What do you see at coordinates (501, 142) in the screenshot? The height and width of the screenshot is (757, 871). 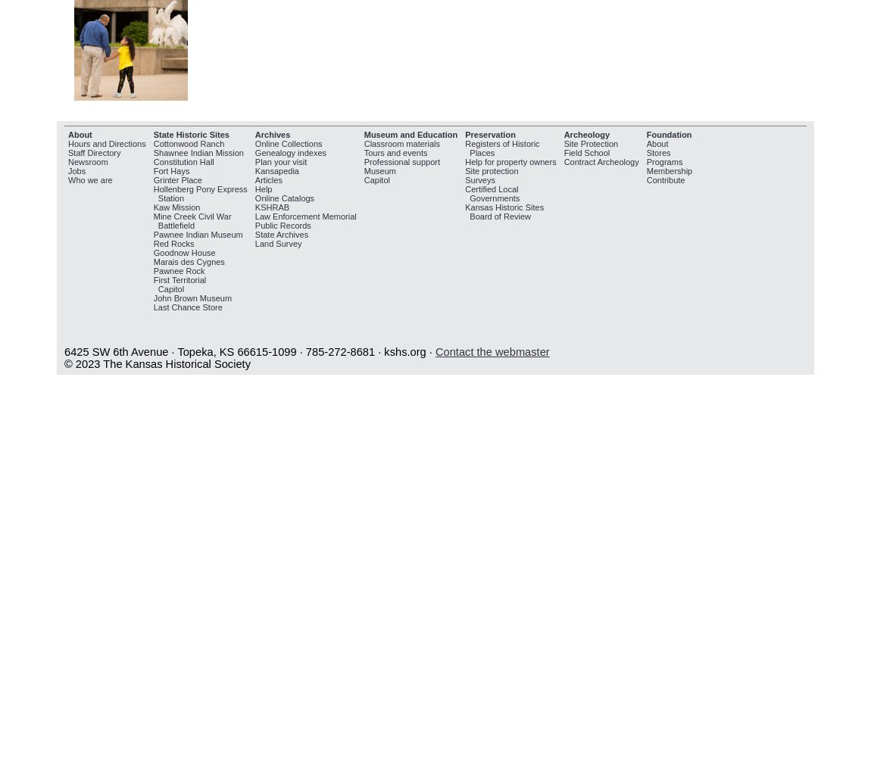 I see `'Registers of Historic'` at bounding box center [501, 142].